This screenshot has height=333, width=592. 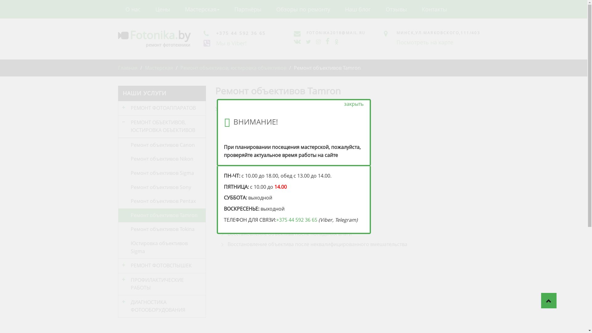 What do you see at coordinates (297, 220) in the screenshot?
I see `'+375 44 592 36 65'` at bounding box center [297, 220].